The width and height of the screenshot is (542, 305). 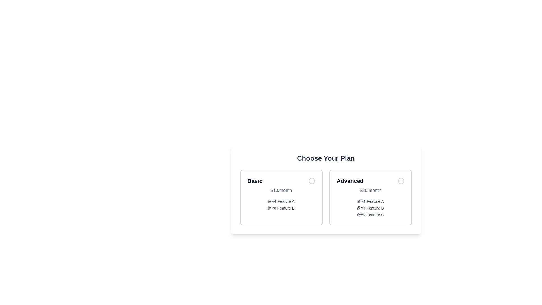 I want to click on the Text Block containing the features 'Feature A' and 'Feature B', which is styled in gray and positioned below the '$10/month' text within the 'Basic' card, so click(x=281, y=205).